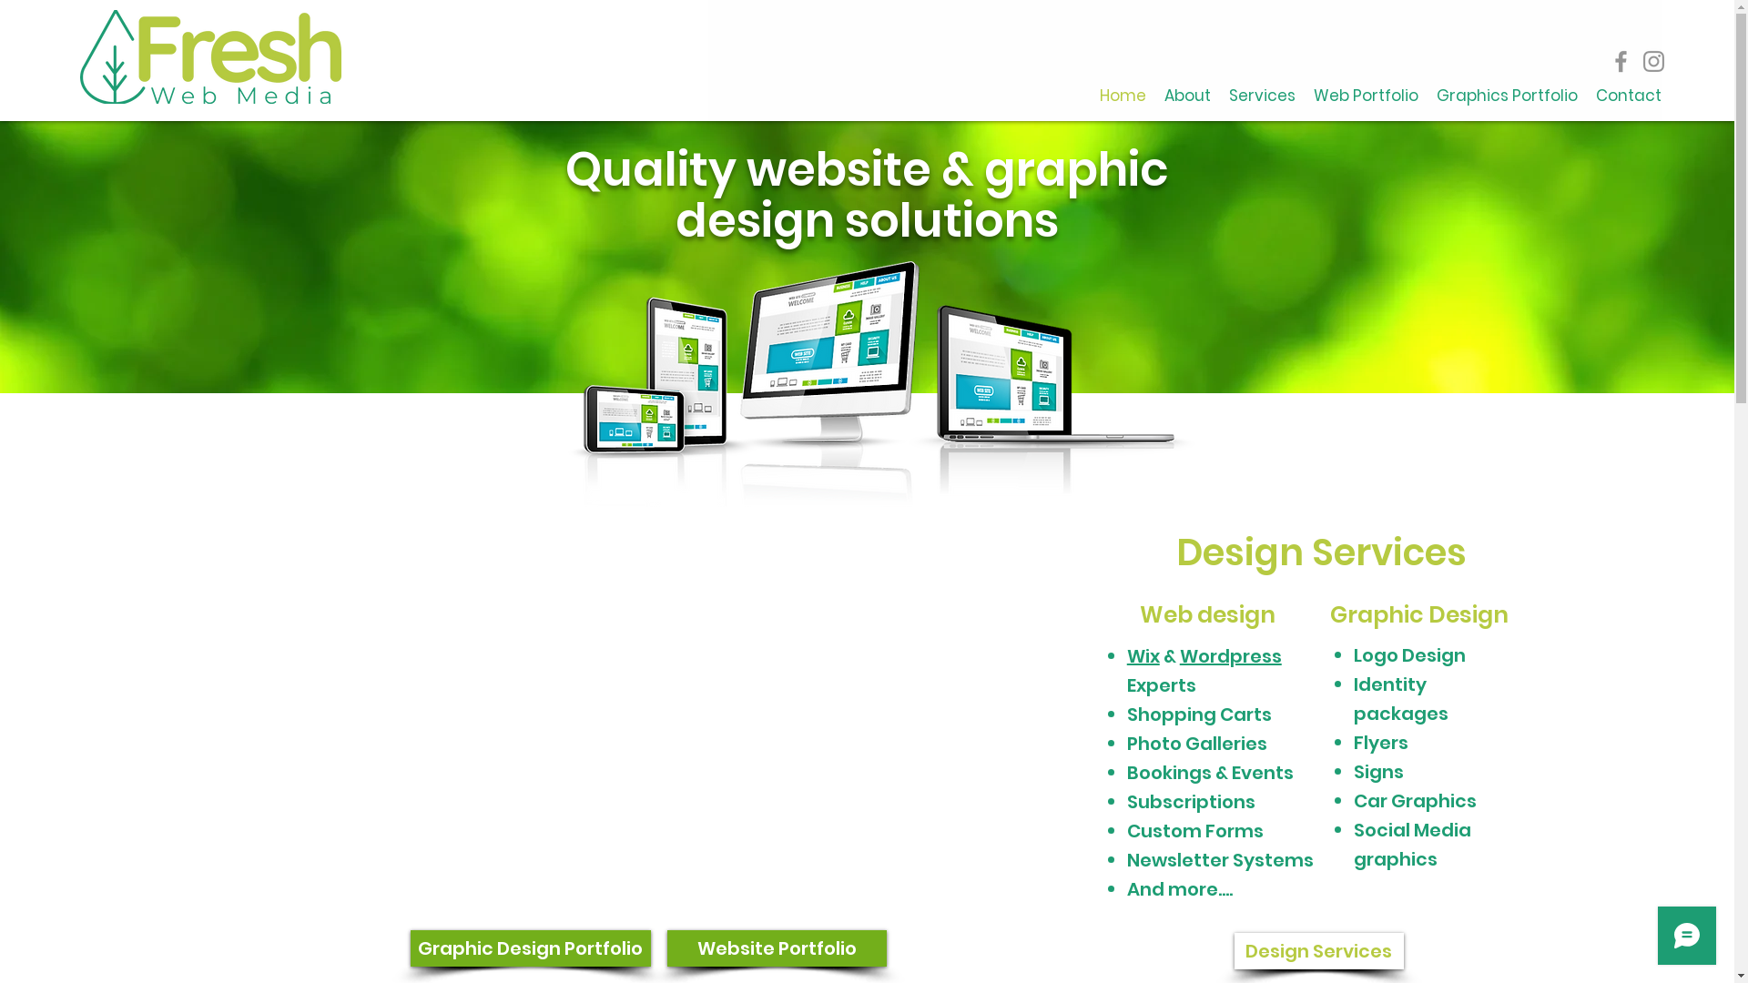  I want to click on 'Graphics Portfolio', so click(1427, 96).